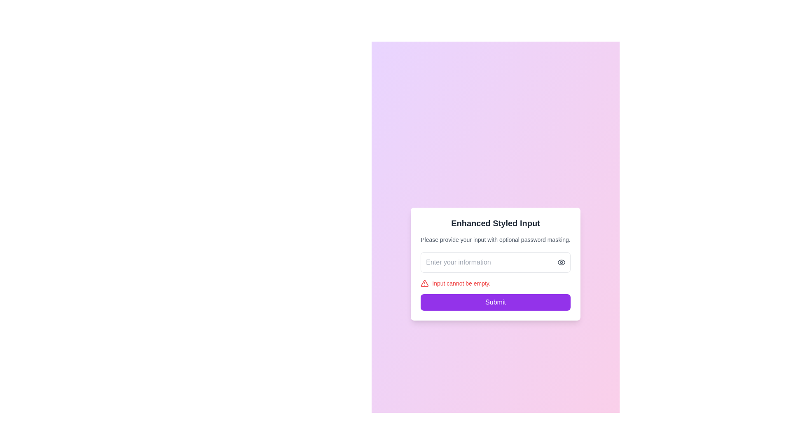 This screenshot has width=791, height=445. I want to click on the static text element that serves as a descriptive heading or label, guiding the user towards the input functionality in the interface, so click(495, 223).